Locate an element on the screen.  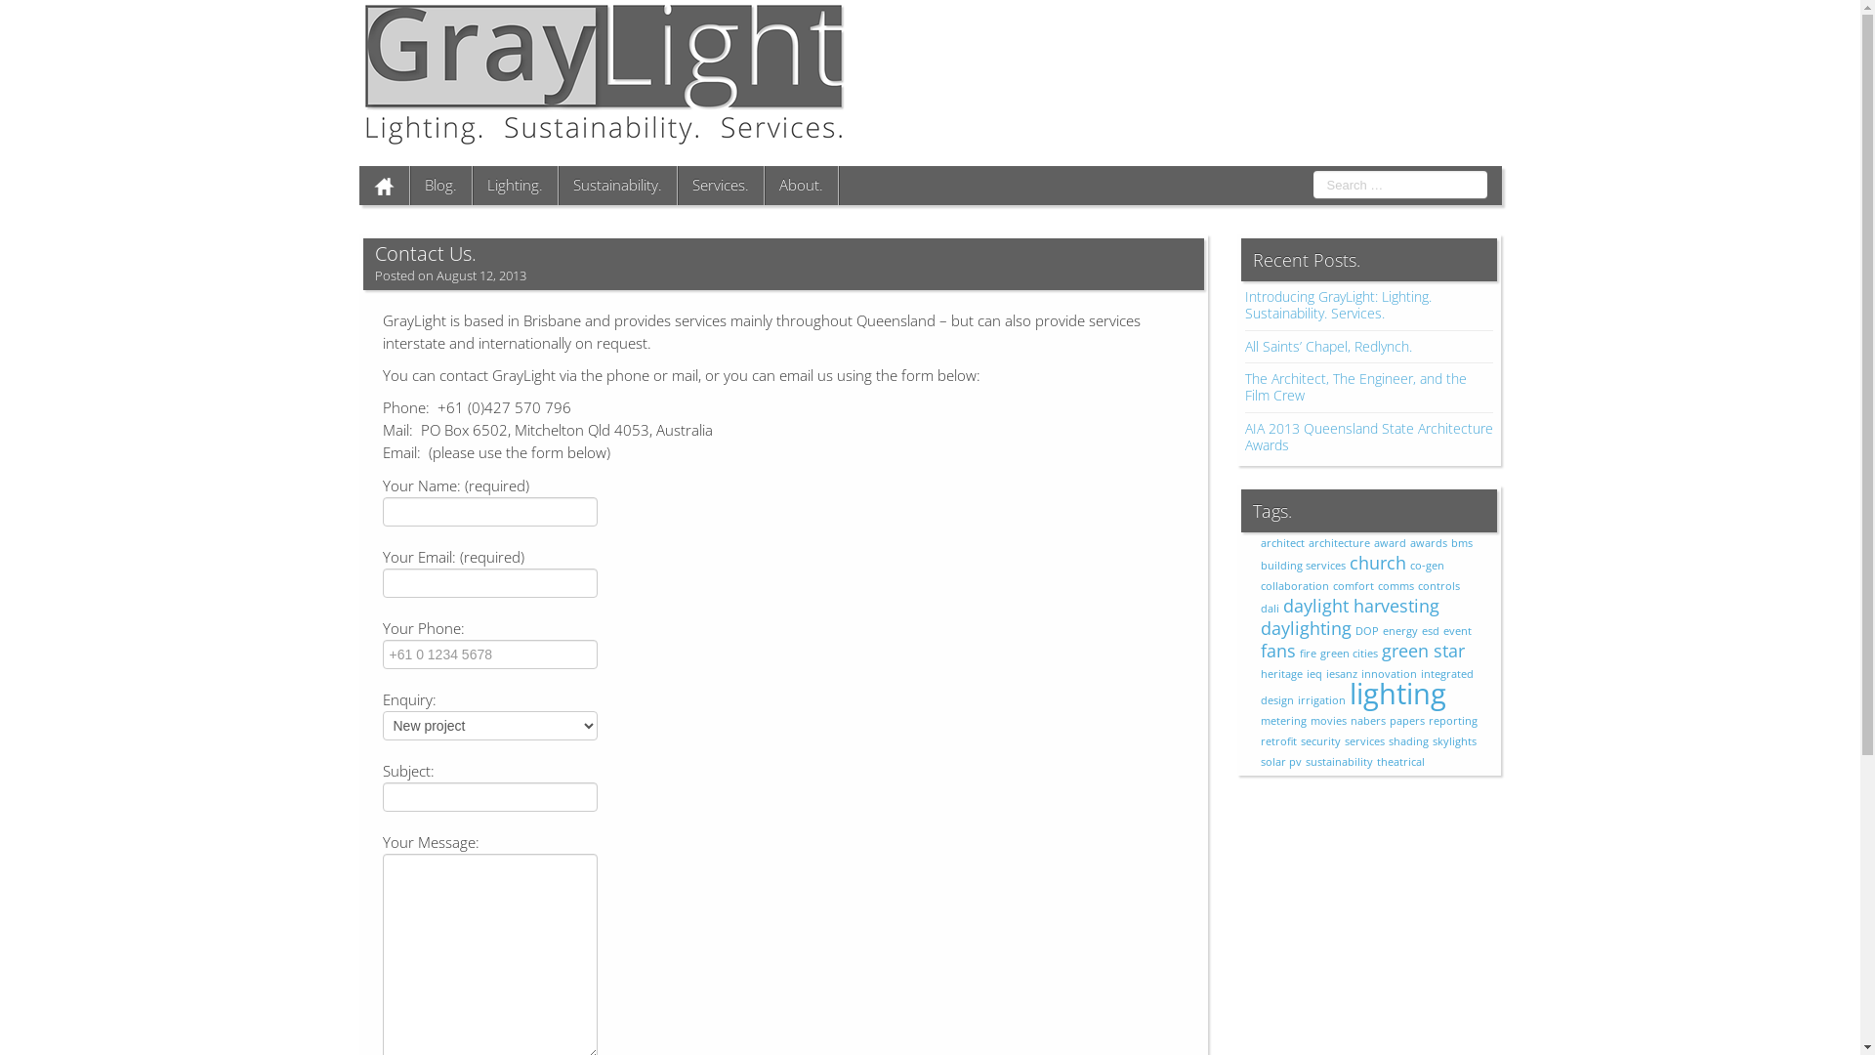
'building services' is located at coordinates (1303, 565).